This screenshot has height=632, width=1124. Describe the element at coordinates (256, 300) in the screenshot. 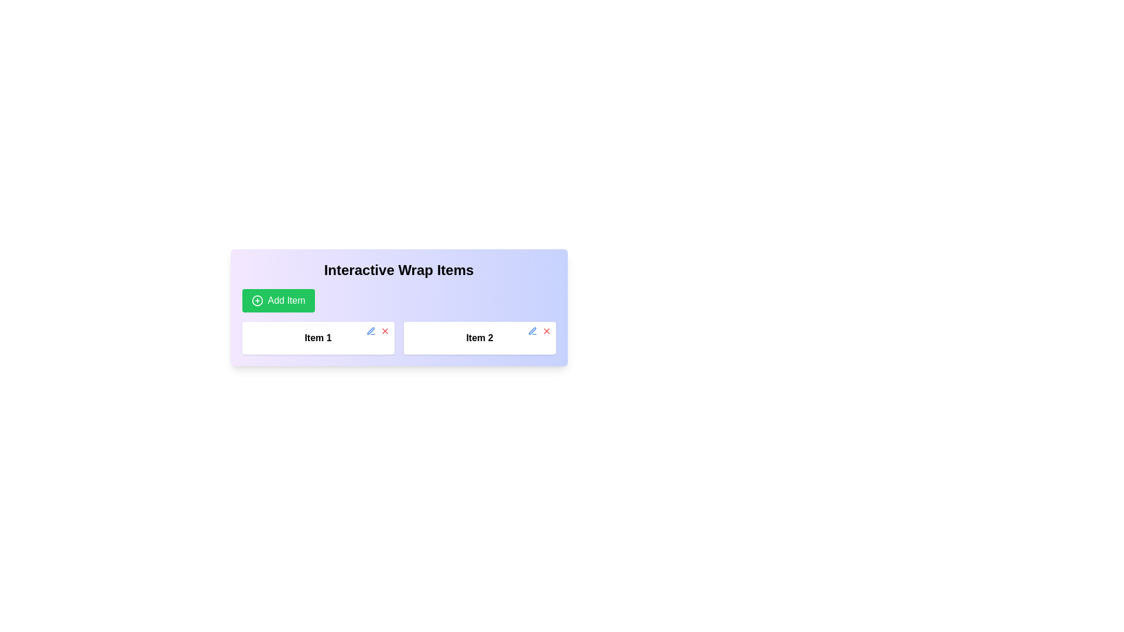

I see `the outer circle component of the 'Add Item' button located in the top-left area of the main interactive panel labeled 'Interactive Wrap Items'` at that location.